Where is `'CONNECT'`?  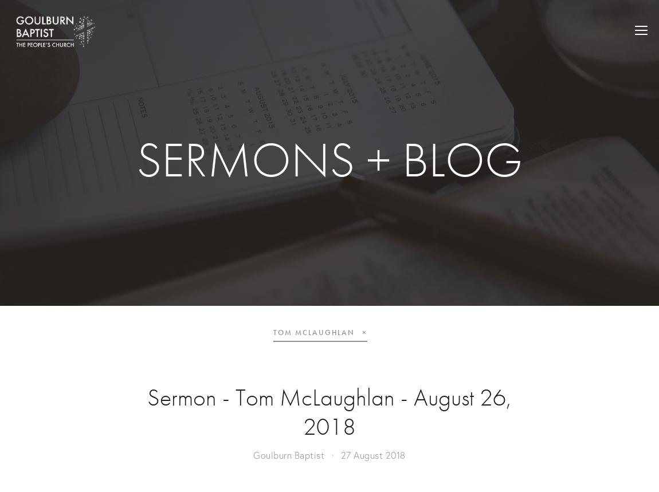 'CONNECT' is located at coordinates (551, 96).